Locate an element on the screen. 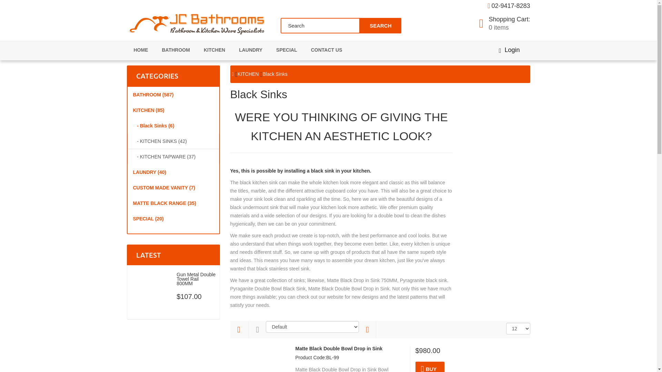 The image size is (662, 372). 'Shopping Cart: is located at coordinates (505, 23).